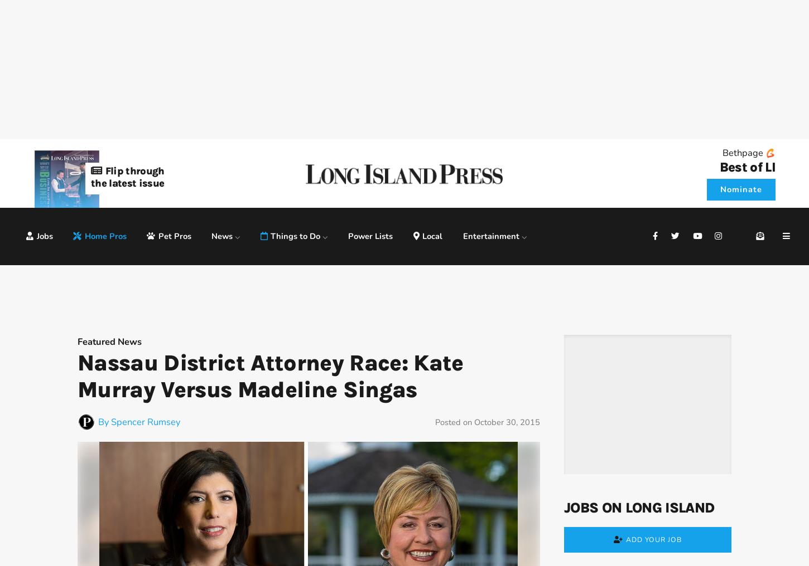 Image resolution: width=809 pixels, height=566 pixels. What do you see at coordinates (104, 422) in the screenshot?
I see `'By'` at bounding box center [104, 422].